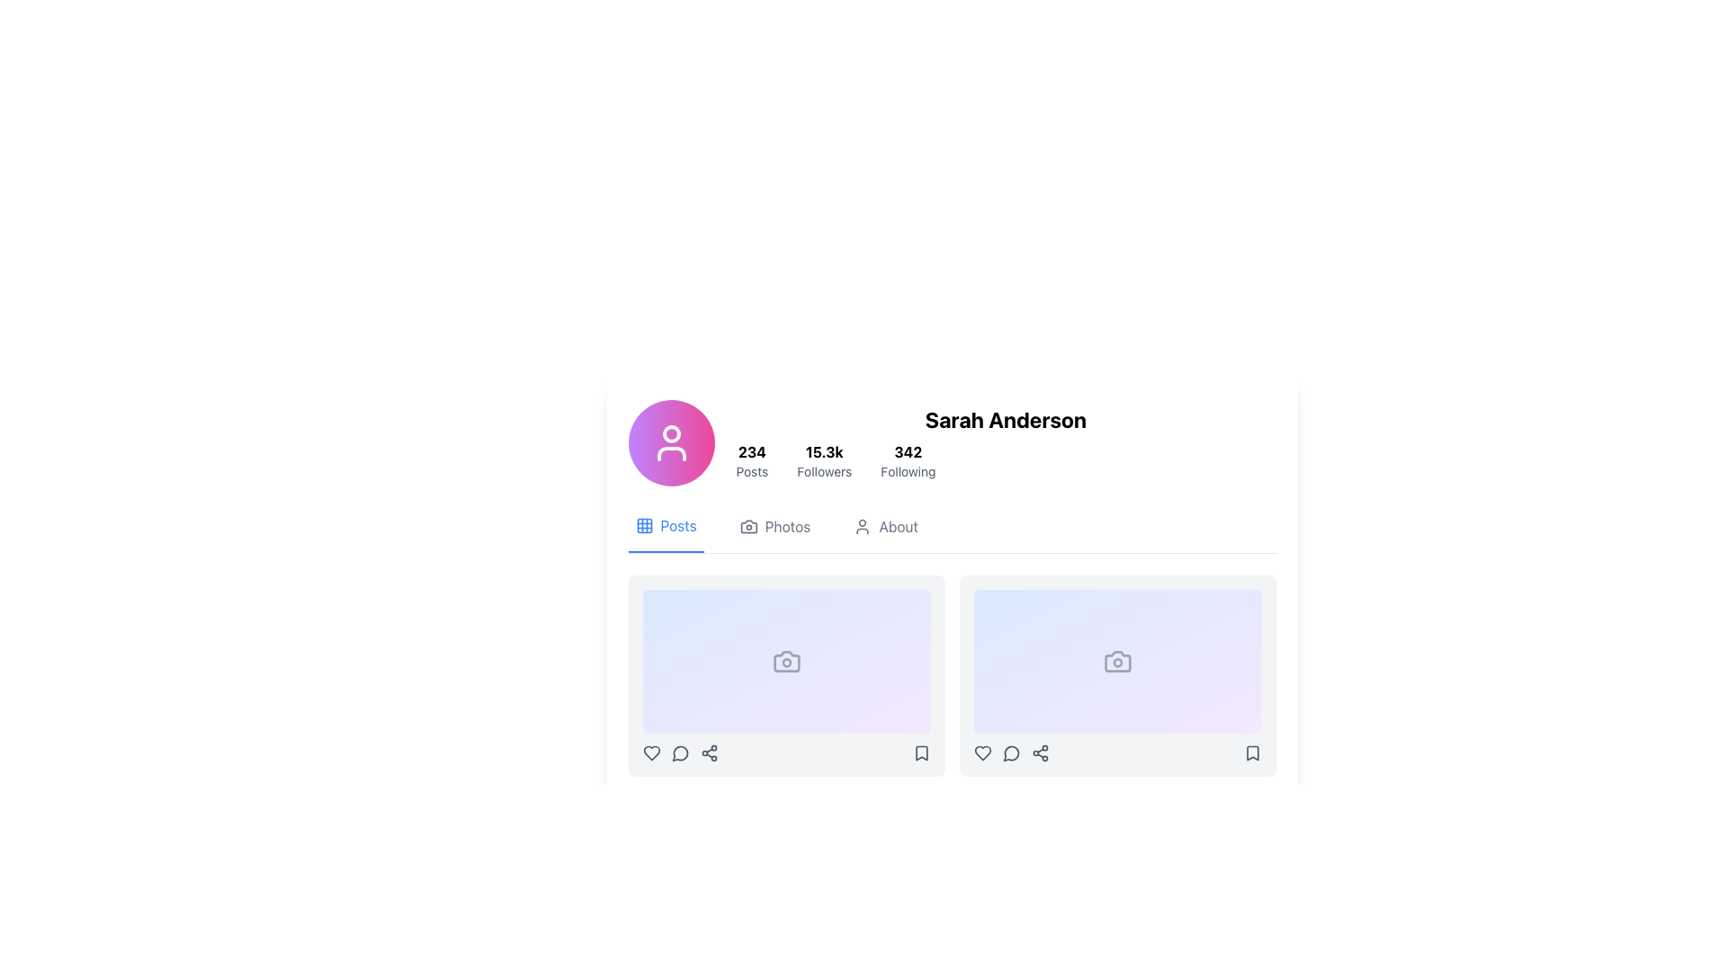  What do you see at coordinates (908, 470) in the screenshot?
I see `the Text label that indicates the number of accounts the user is following, located below the number '342' in the profile statistics section` at bounding box center [908, 470].